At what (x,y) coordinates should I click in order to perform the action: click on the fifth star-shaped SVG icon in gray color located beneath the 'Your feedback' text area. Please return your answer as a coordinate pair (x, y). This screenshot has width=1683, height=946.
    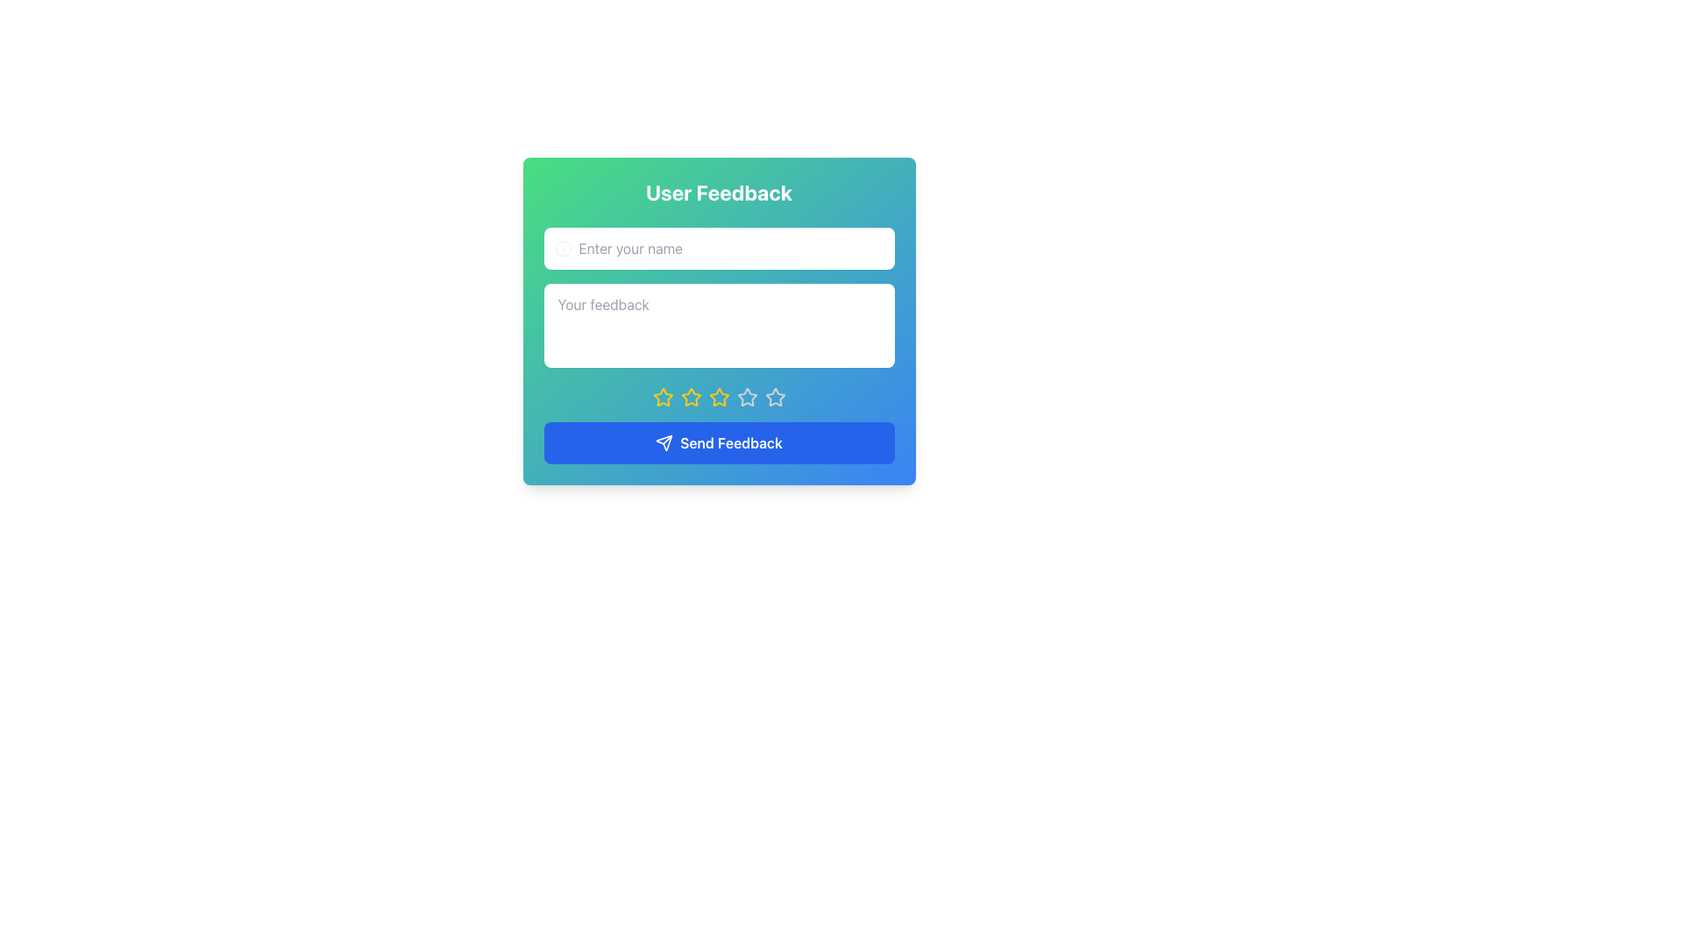
    Looking at the image, I should click on (774, 397).